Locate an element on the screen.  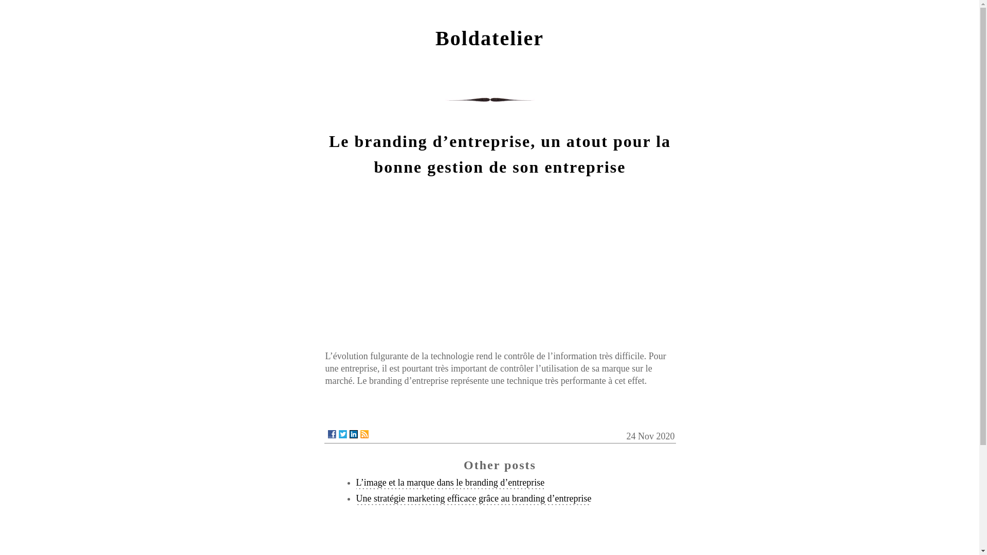
'RSS' is located at coordinates (364, 434).